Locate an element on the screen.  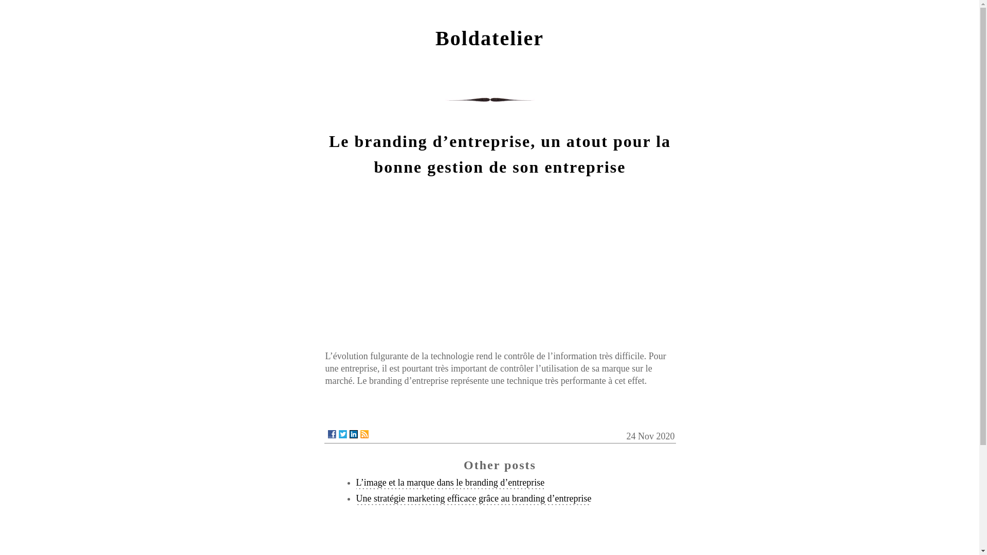
'RSS' is located at coordinates (364, 434).